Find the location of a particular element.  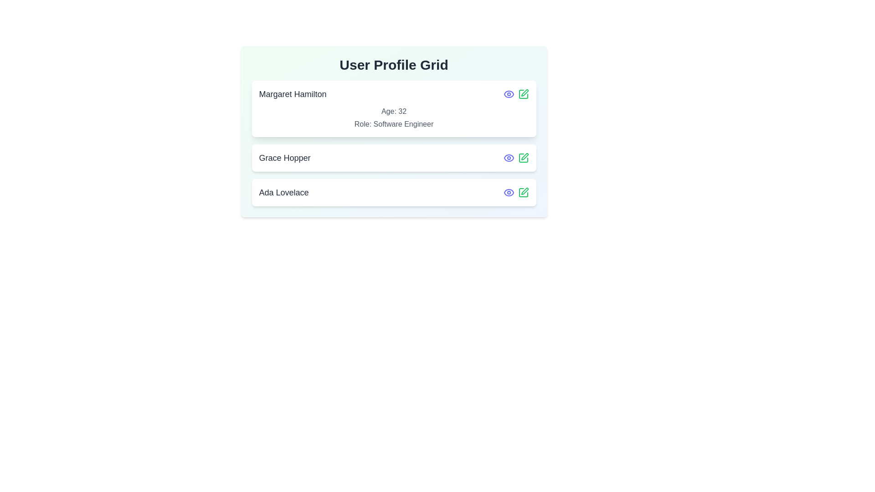

eye icon for the profile of Margaret Hamilton is located at coordinates (508, 94).